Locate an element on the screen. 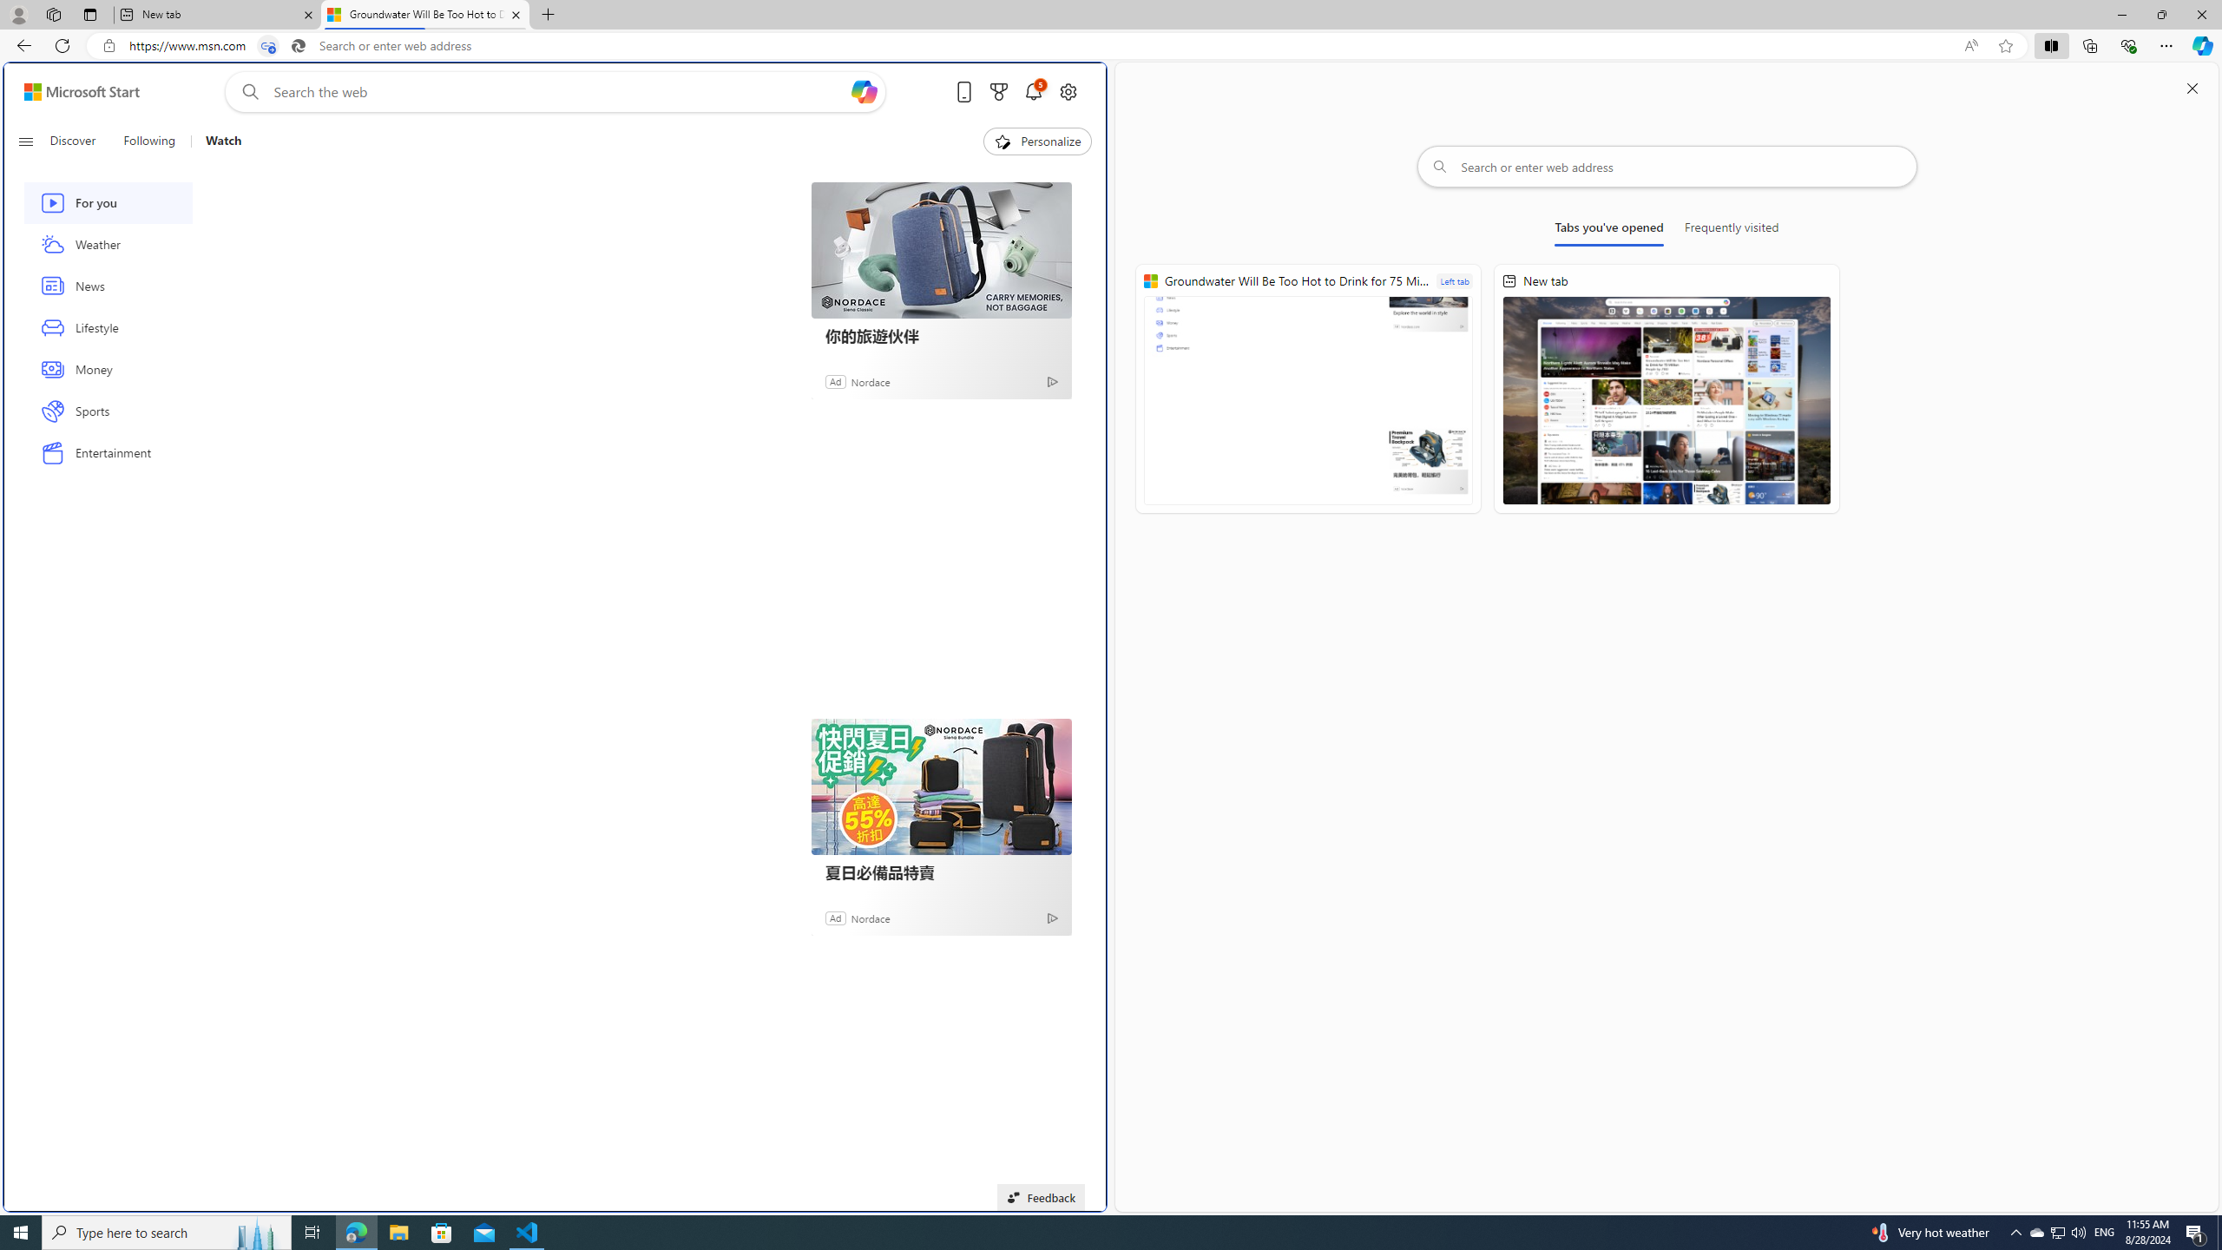 Image resolution: width=2222 pixels, height=1250 pixels. 'Skip to footer' is located at coordinates (70, 90).